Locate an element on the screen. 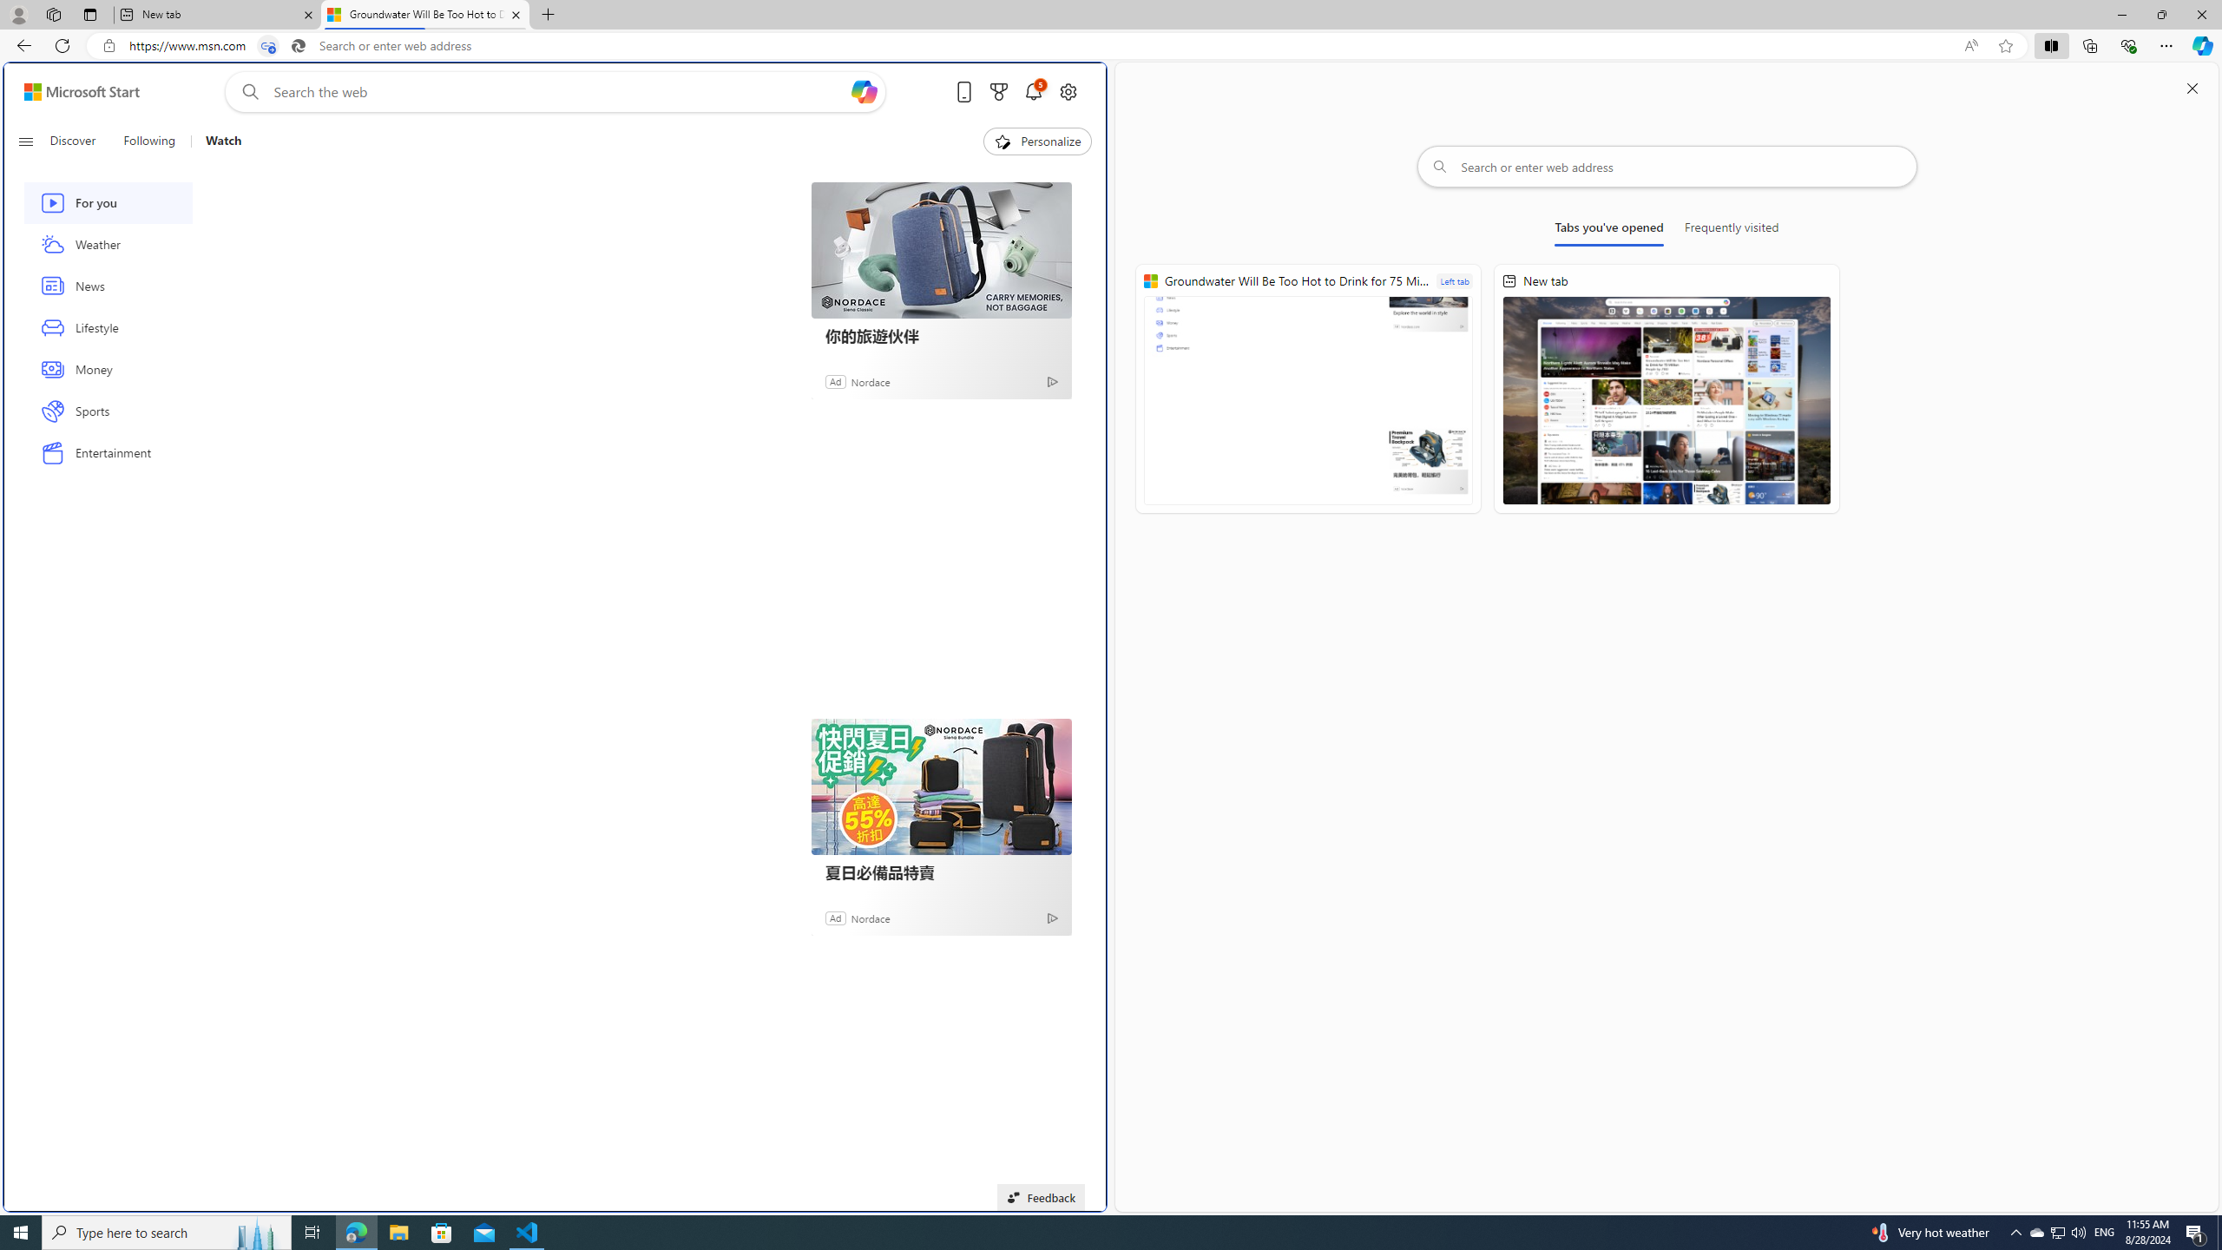 Image resolution: width=2222 pixels, height=1250 pixels. 'Skip to footer' is located at coordinates (70, 90).